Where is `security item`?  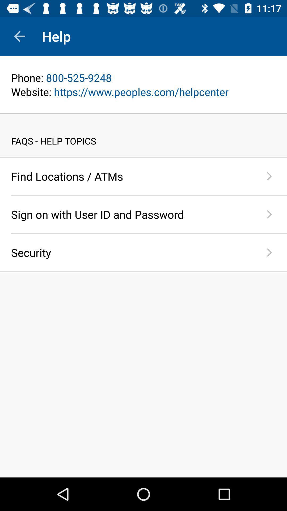 security item is located at coordinates (131, 252).